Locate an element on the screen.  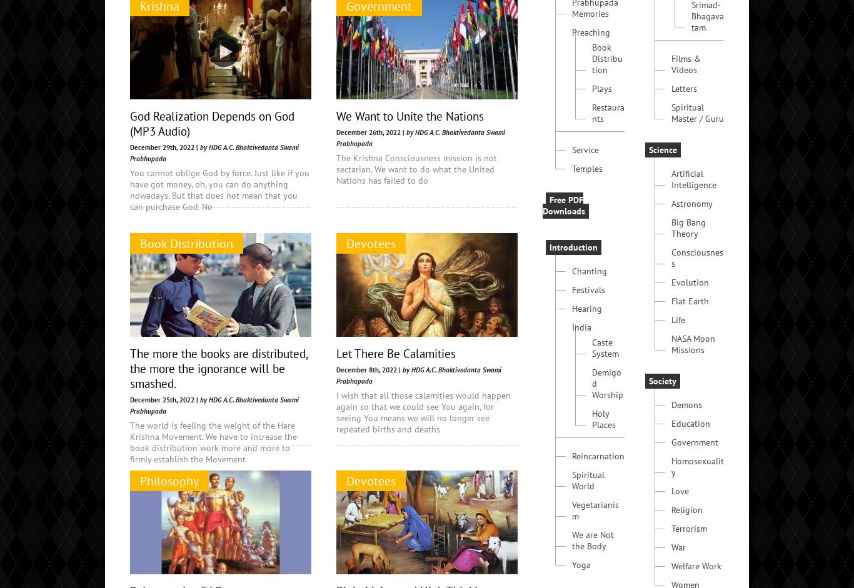
'Let There Be Calamities' is located at coordinates (395, 353).